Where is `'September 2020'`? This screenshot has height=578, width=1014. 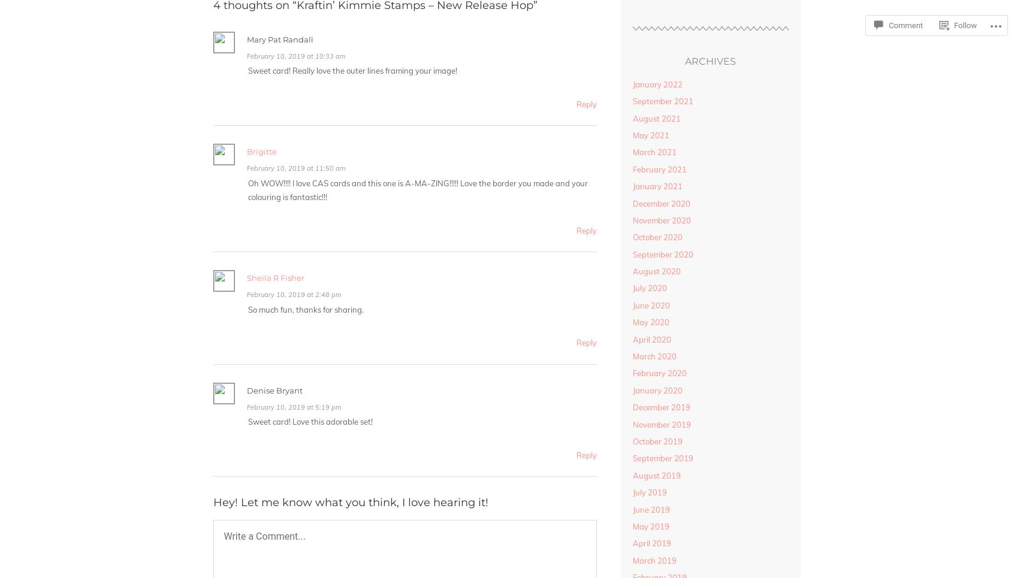
'September 2020' is located at coordinates (662, 254).